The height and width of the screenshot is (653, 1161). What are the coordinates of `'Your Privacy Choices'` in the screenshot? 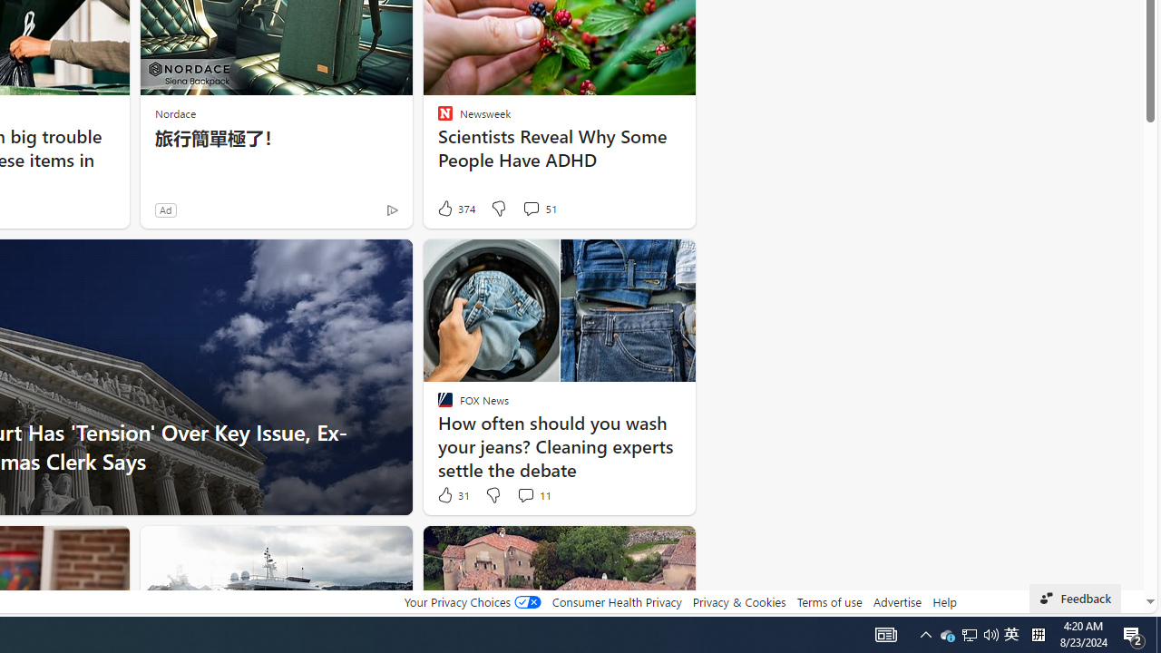 It's located at (472, 601).